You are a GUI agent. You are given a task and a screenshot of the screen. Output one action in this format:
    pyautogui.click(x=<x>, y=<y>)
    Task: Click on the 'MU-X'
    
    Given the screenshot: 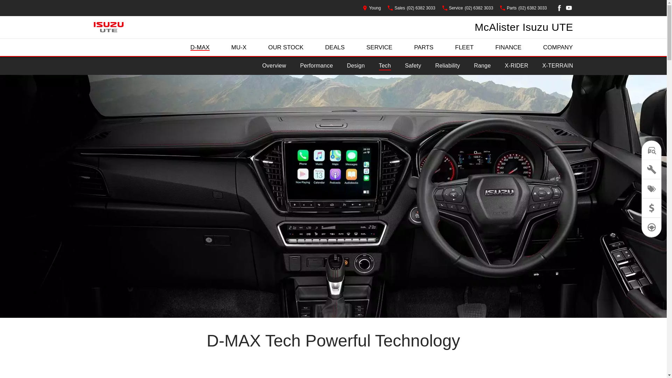 What is the action you would take?
    pyautogui.click(x=239, y=47)
    